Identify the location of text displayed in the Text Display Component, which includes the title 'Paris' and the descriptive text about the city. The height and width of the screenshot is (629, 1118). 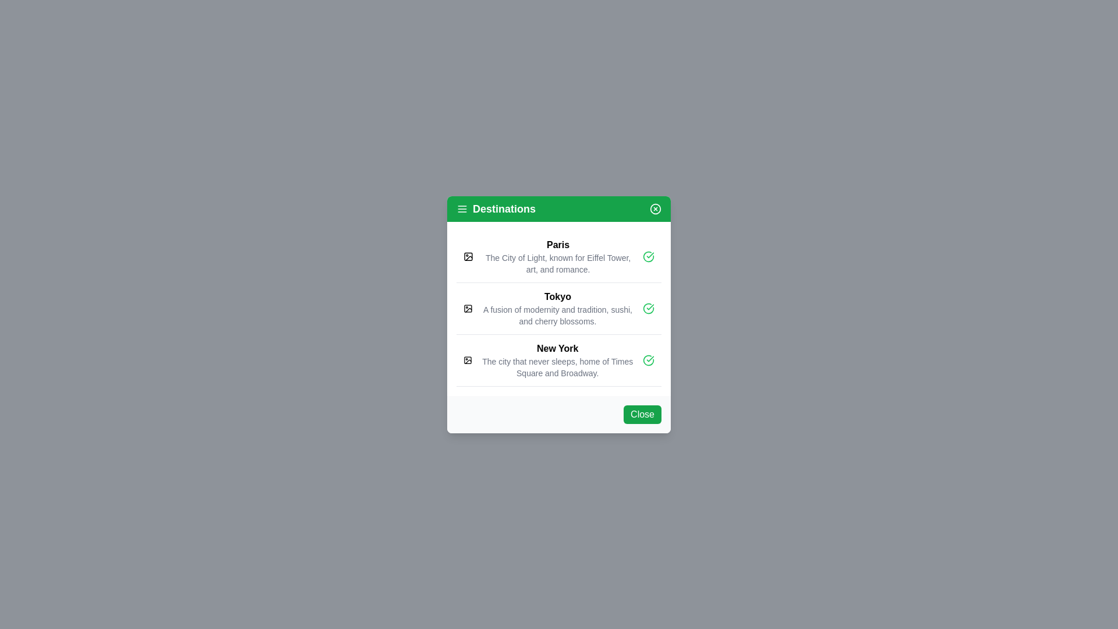
(557, 256).